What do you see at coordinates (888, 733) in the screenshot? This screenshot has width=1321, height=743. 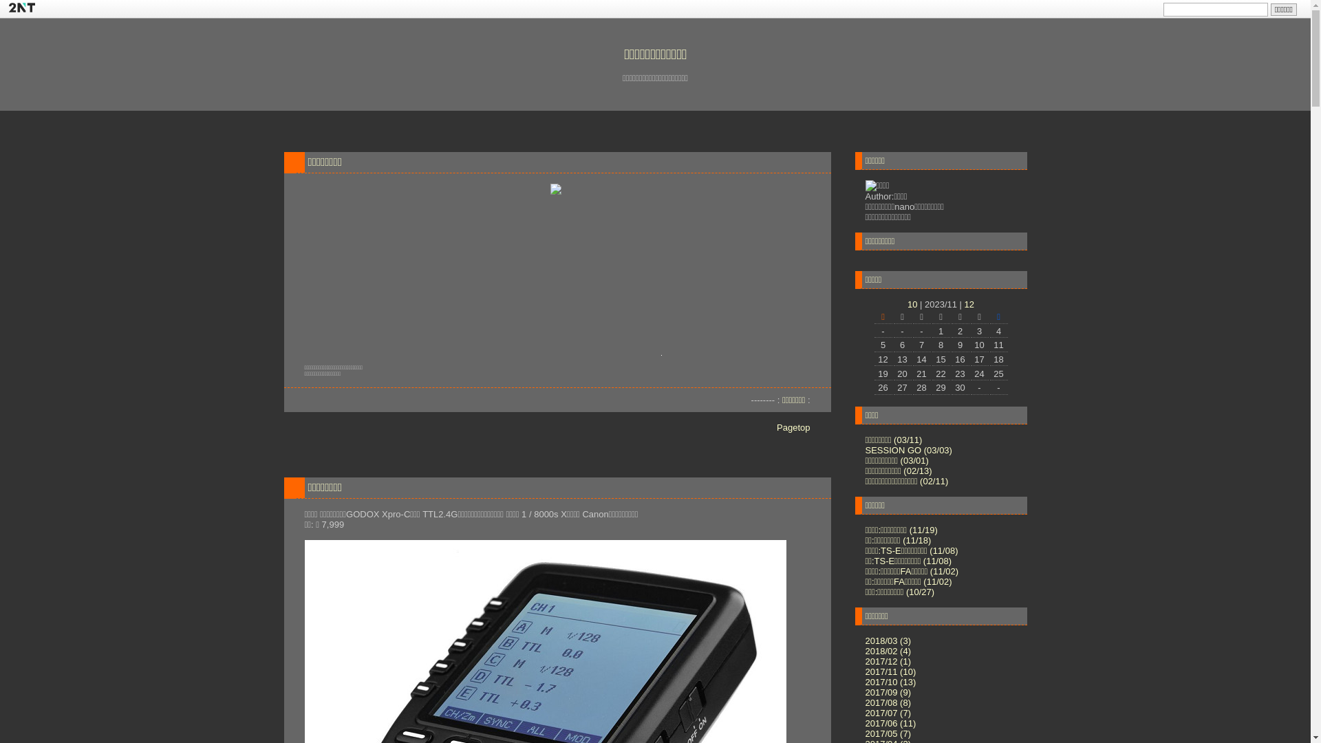 I see `'2017/05 (7)'` at bounding box center [888, 733].